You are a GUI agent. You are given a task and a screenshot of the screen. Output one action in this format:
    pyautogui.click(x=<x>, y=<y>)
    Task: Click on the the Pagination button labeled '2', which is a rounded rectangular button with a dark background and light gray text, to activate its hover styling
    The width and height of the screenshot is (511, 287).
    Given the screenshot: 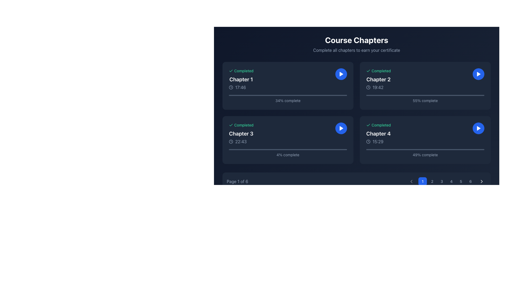 What is the action you would take?
    pyautogui.click(x=432, y=181)
    